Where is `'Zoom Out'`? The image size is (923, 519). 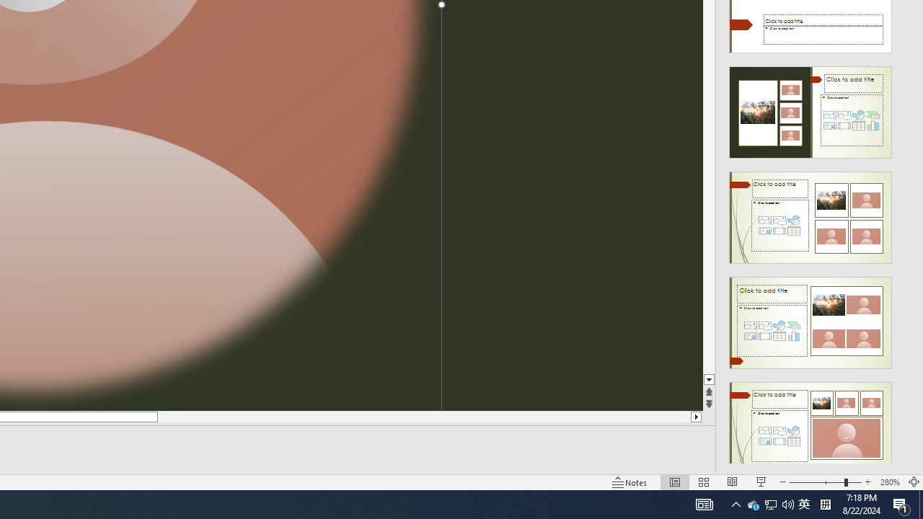 'Zoom Out' is located at coordinates (816, 482).